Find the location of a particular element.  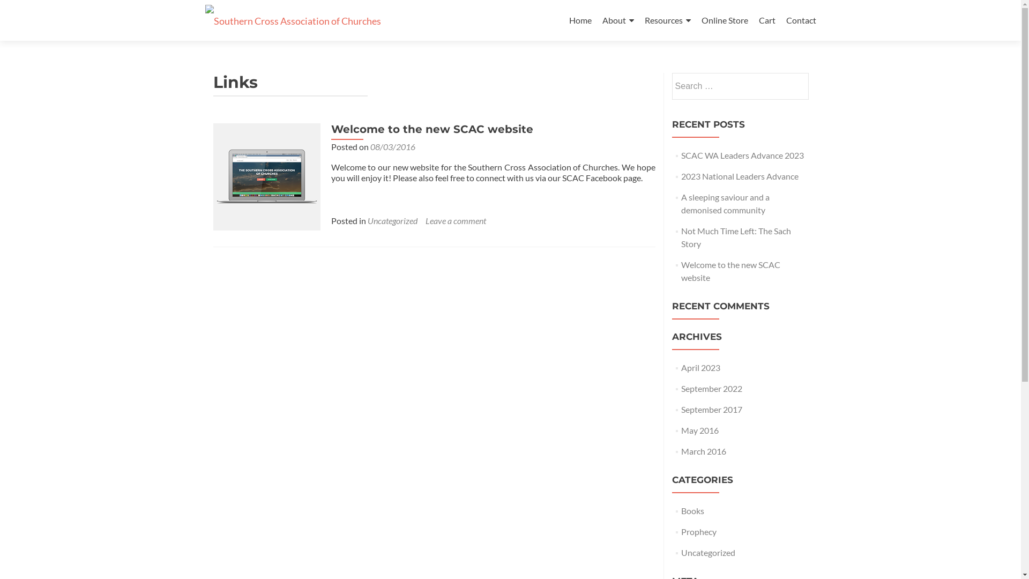

'Resources' is located at coordinates (666, 20).